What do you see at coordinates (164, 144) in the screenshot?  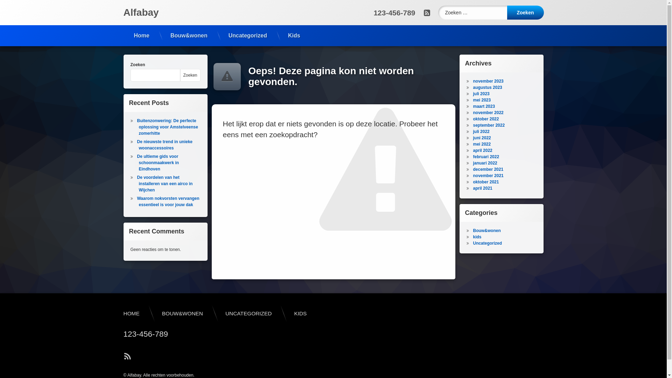 I see `'De nieuwste trend in unieke woonaccessoires'` at bounding box center [164, 144].